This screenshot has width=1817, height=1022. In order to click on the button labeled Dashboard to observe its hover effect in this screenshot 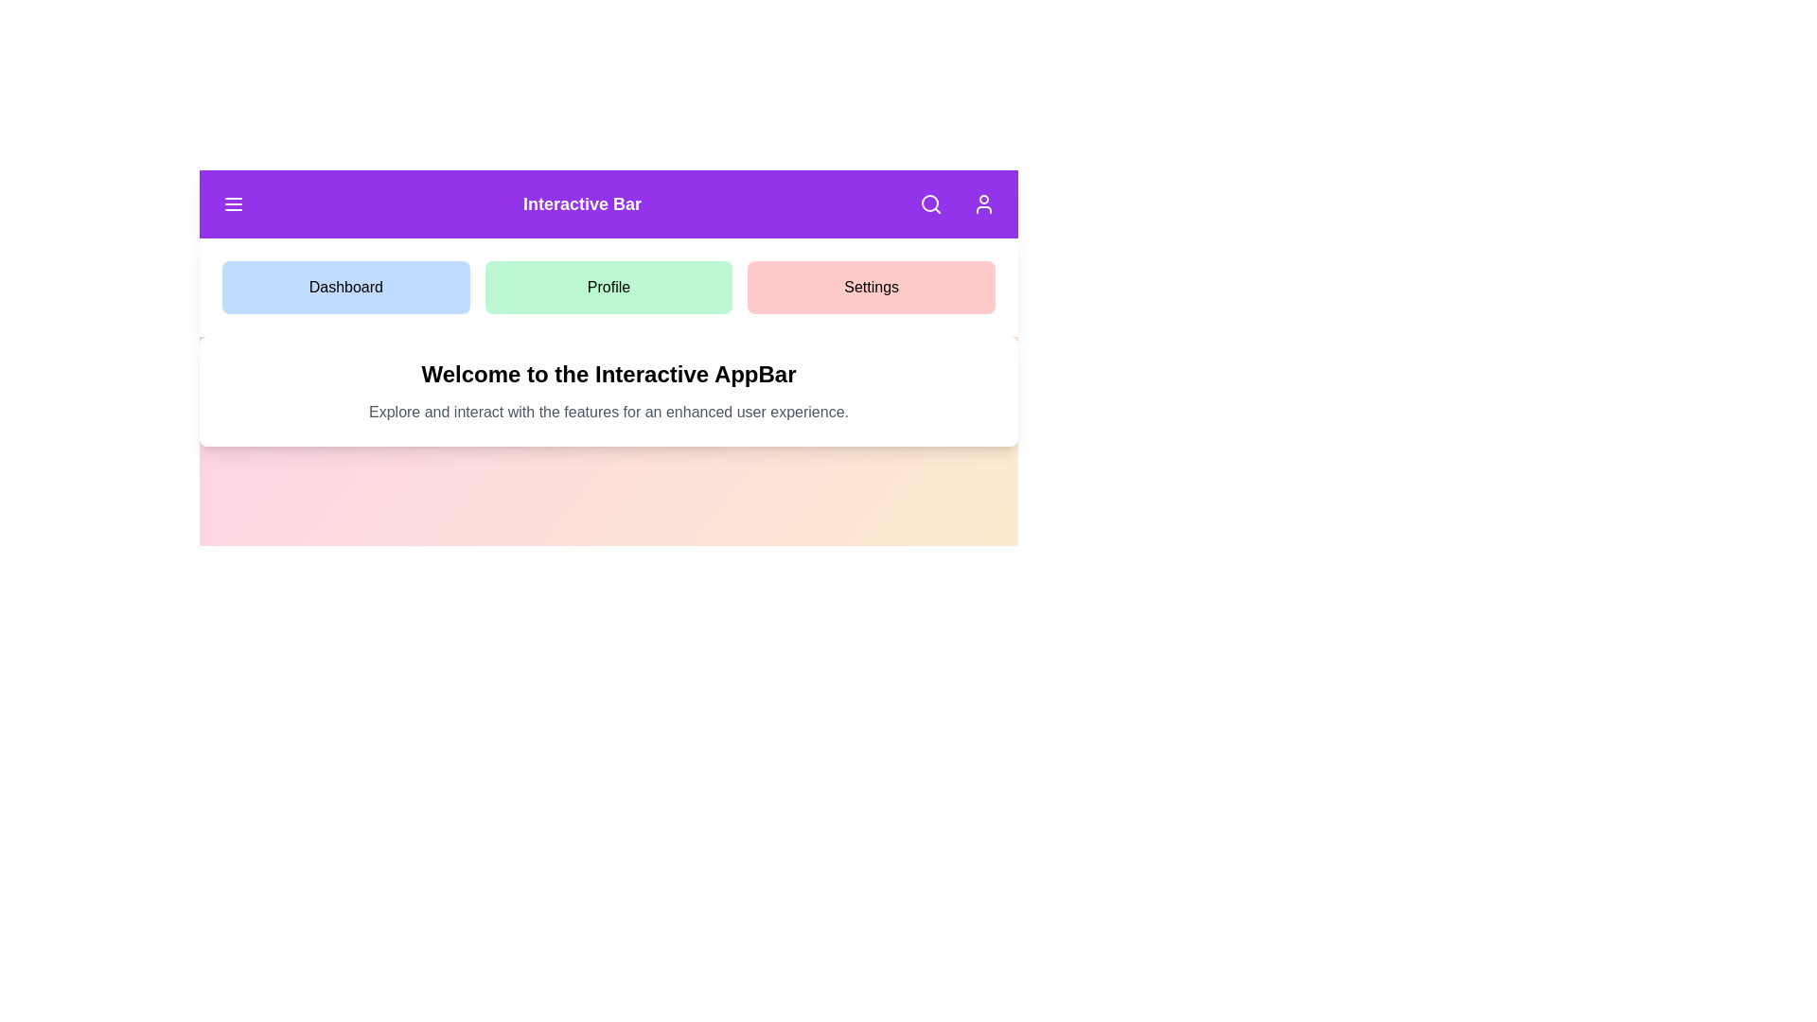, I will do `click(344, 288)`.